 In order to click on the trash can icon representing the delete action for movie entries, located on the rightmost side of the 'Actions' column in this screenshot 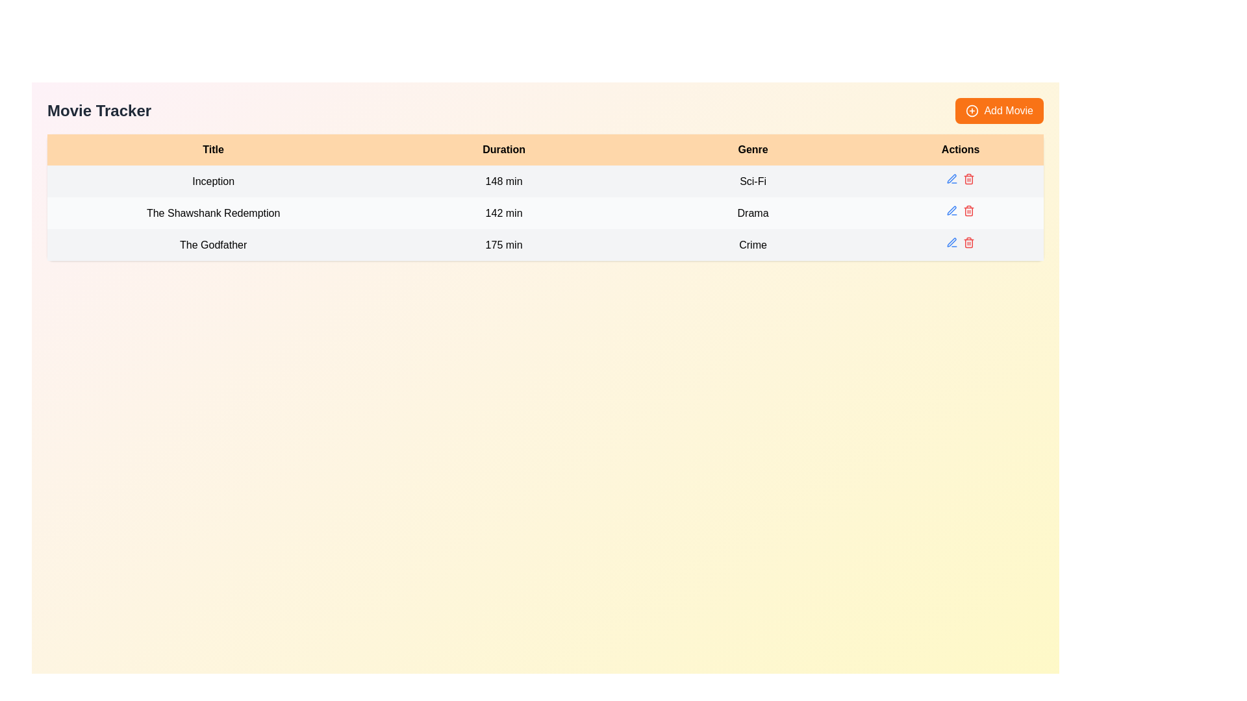, I will do `click(969, 243)`.